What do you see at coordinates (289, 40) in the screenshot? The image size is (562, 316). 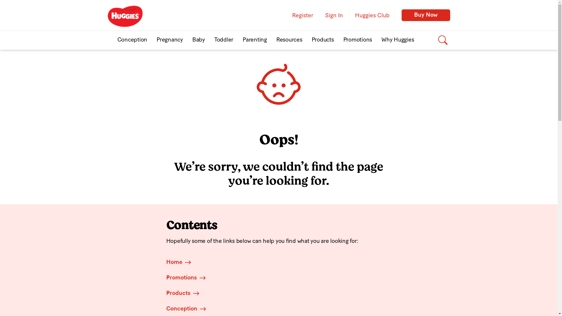 I see `'Resources'` at bounding box center [289, 40].